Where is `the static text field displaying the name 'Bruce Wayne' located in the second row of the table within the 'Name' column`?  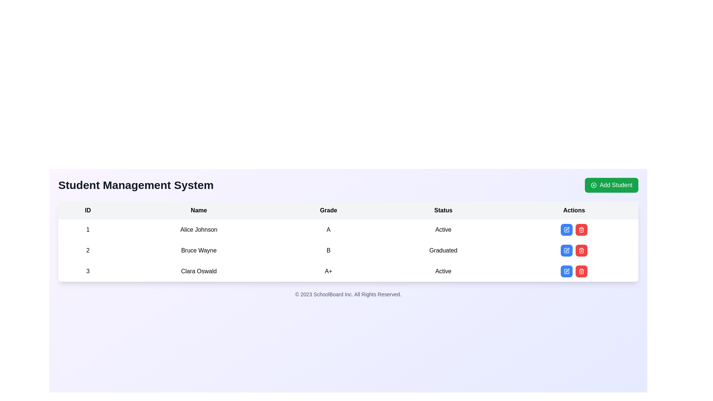 the static text field displaying the name 'Bruce Wayne' located in the second row of the table within the 'Name' column is located at coordinates (199, 251).